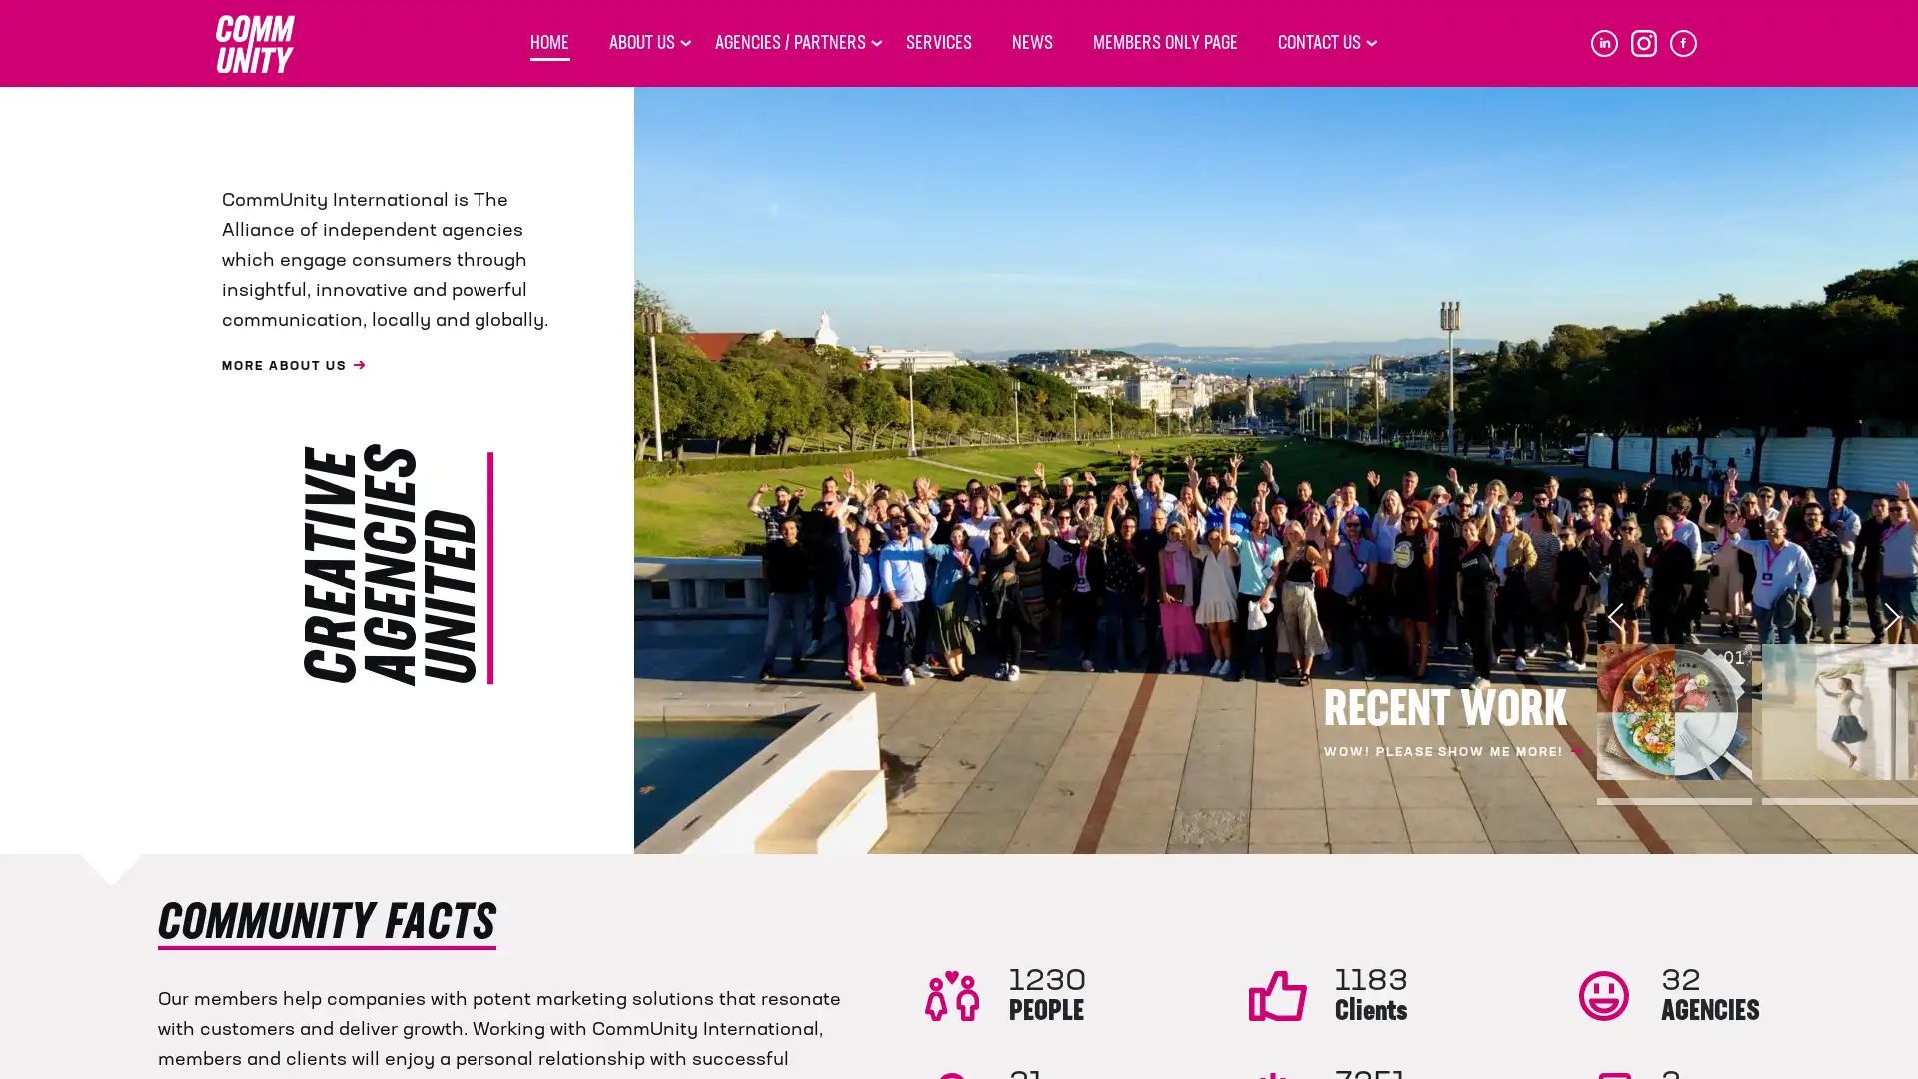 This screenshot has width=1918, height=1079. Describe the element at coordinates (1624, 626) in the screenshot. I see `Previous slide` at that location.